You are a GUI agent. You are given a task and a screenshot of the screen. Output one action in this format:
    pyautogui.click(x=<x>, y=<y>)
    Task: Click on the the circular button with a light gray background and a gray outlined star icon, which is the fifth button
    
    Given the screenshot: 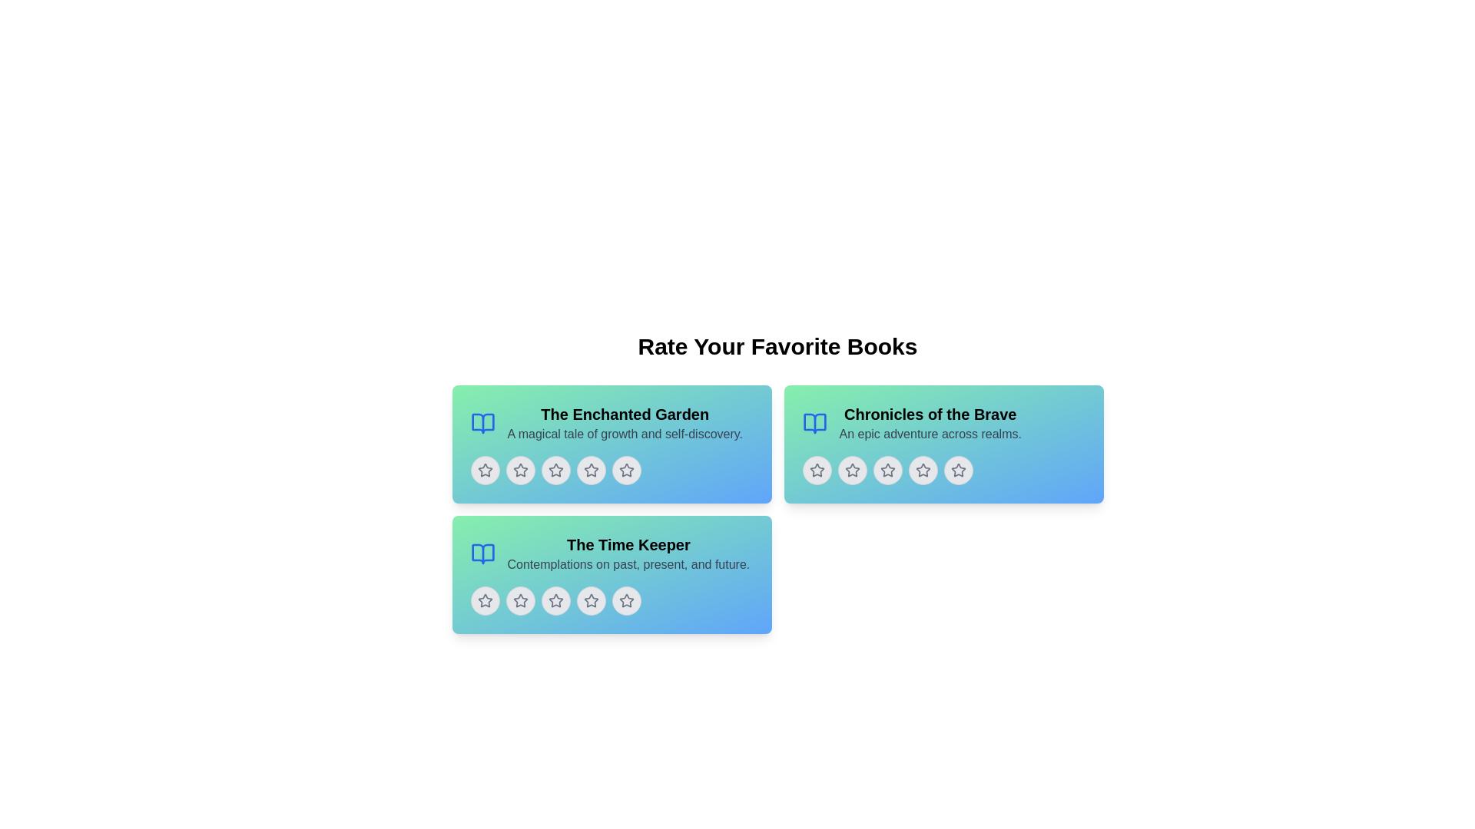 What is the action you would take?
    pyautogui.click(x=626, y=470)
    